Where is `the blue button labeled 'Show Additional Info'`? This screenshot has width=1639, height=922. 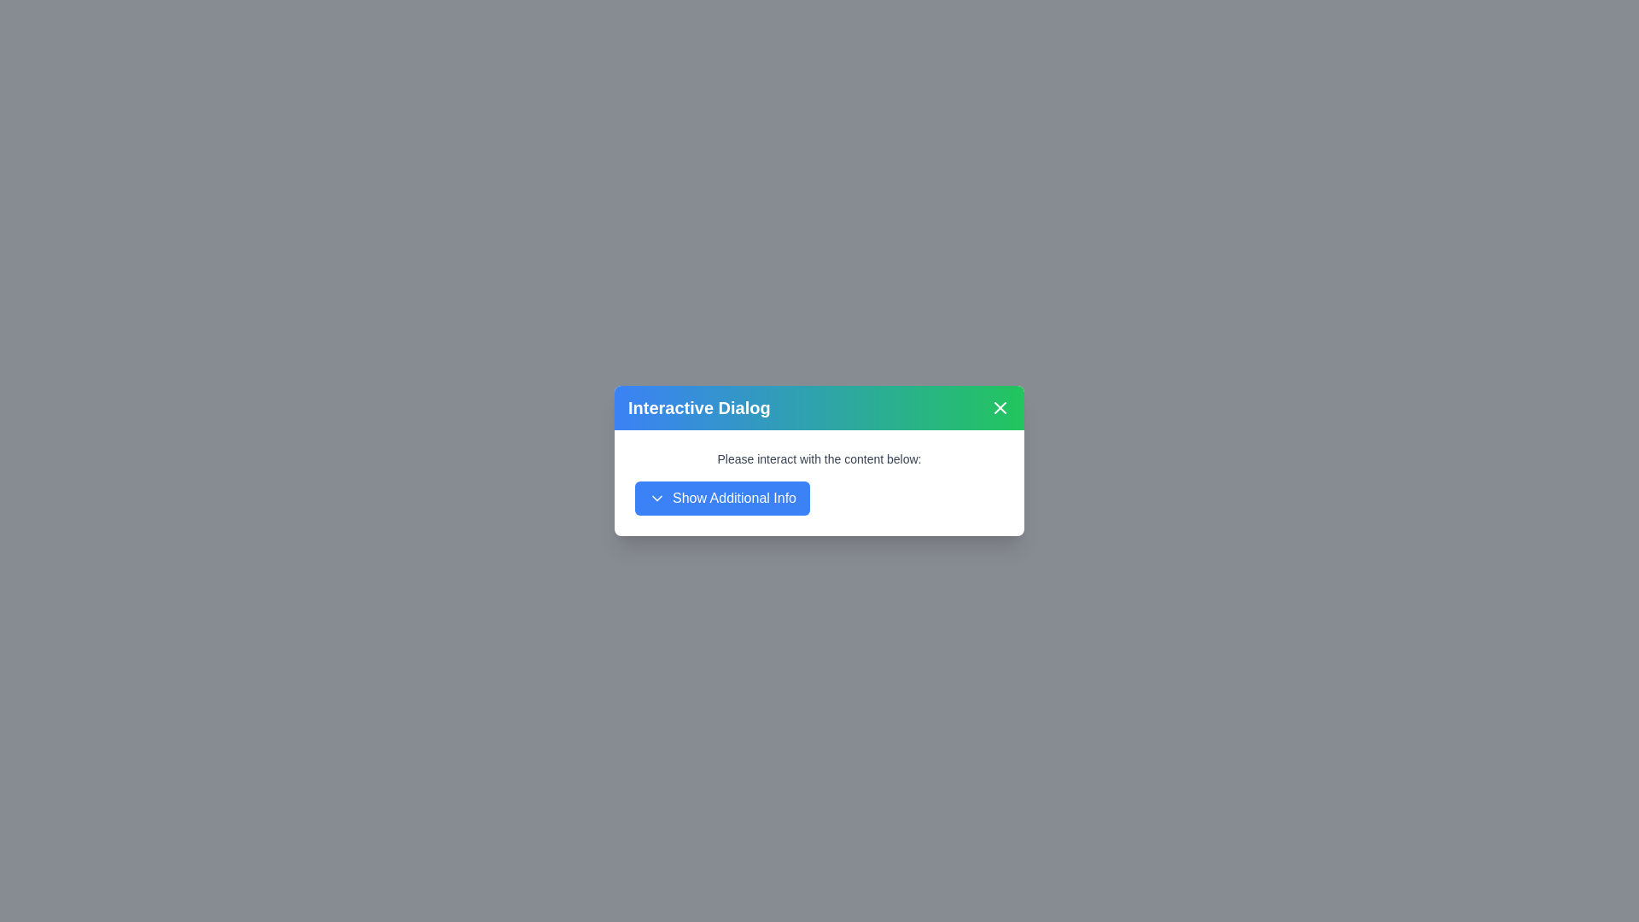
the blue button labeled 'Show Additional Info' is located at coordinates (722, 498).